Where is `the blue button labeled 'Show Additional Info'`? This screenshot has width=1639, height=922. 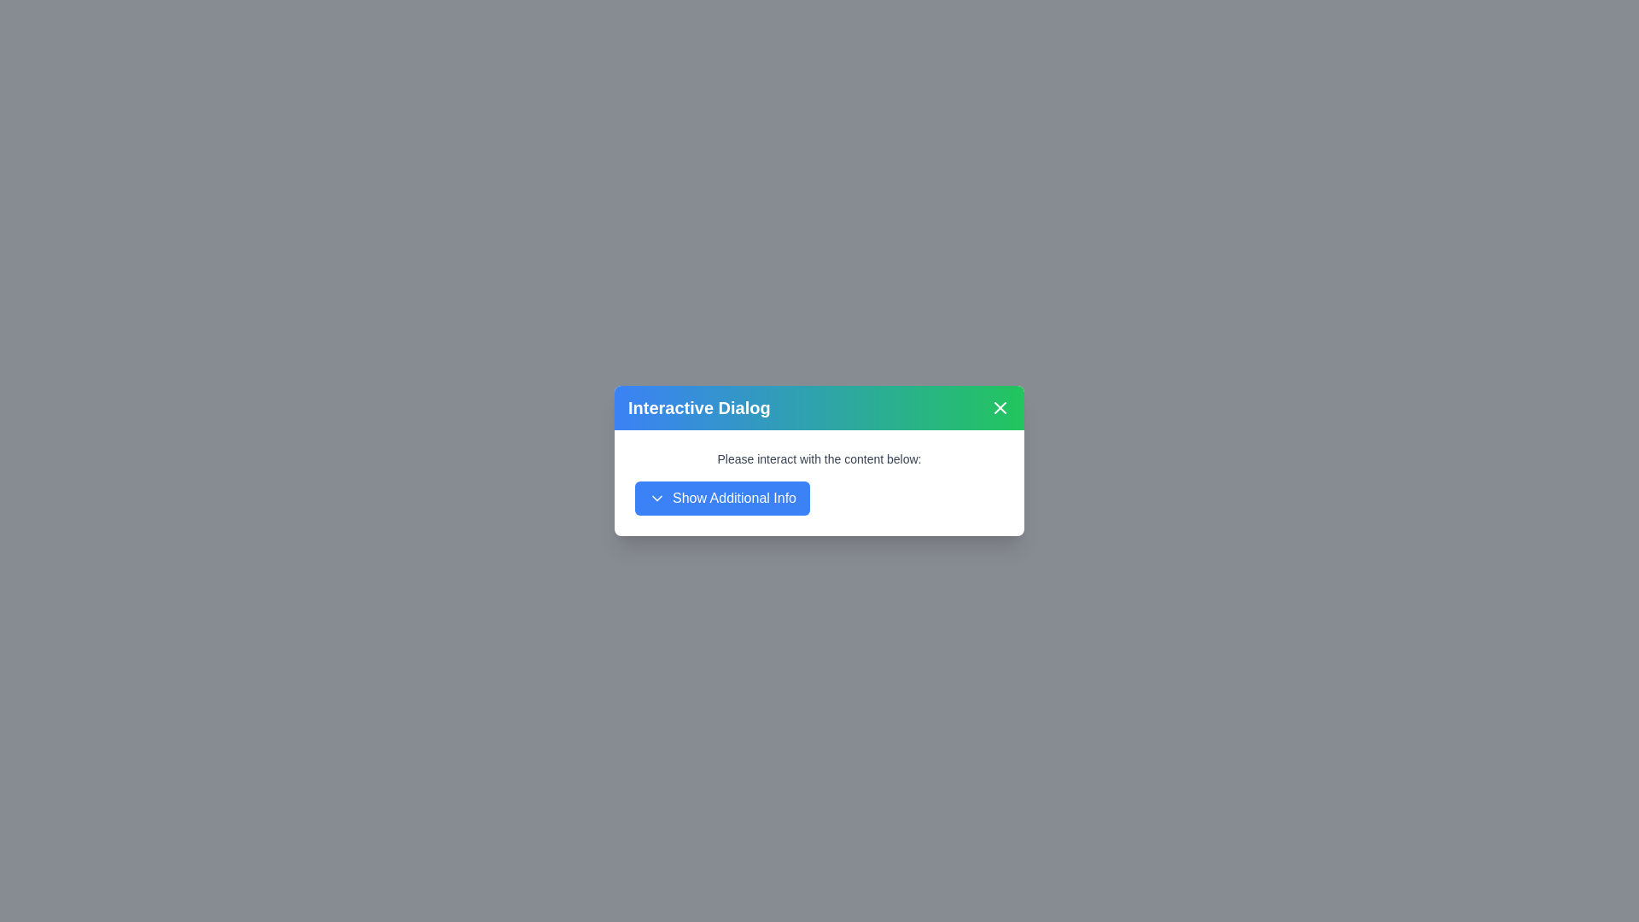
the blue button labeled 'Show Additional Info' is located at coordinates (722, 498).